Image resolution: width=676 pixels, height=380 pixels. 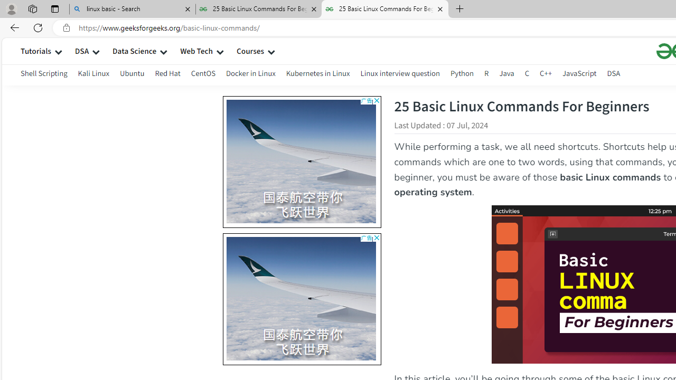 I want to click on 'Courses', so click(x=250, y=51).